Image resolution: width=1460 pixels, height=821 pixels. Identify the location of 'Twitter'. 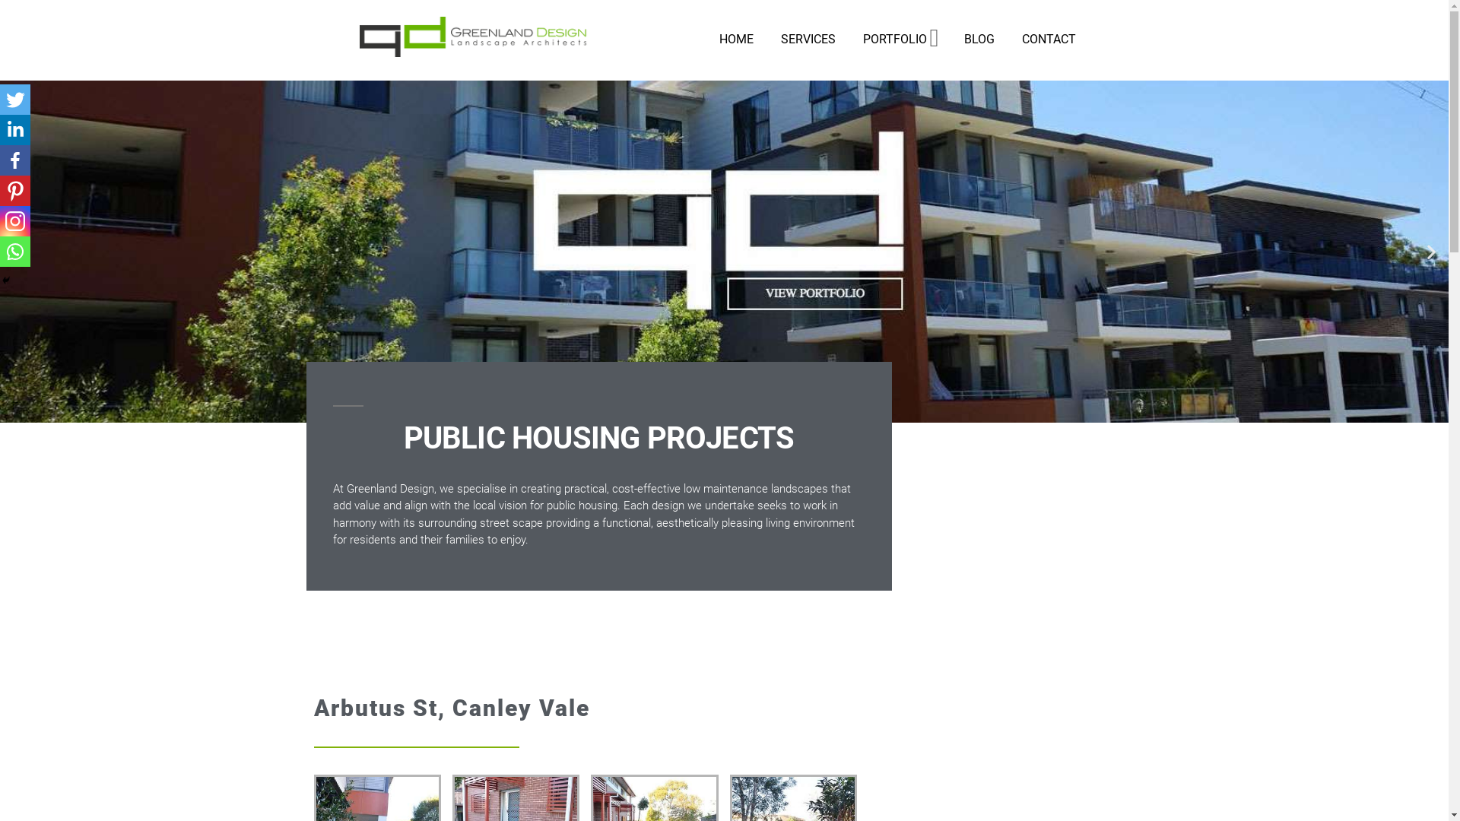
(14, 100).